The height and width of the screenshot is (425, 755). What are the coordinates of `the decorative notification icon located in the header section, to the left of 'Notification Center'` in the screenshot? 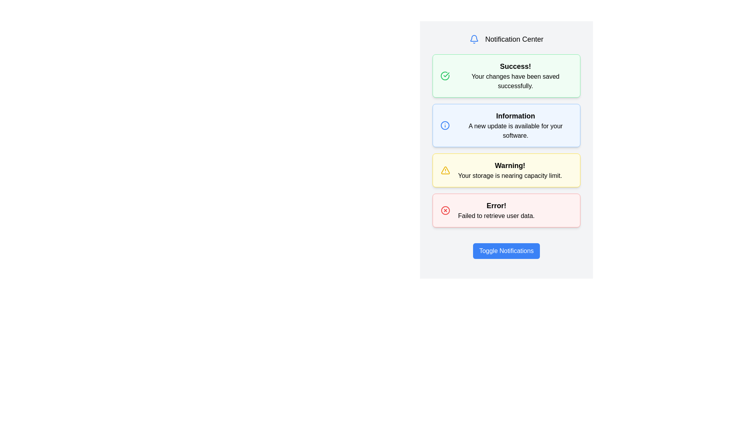 It's located at (473, 39).